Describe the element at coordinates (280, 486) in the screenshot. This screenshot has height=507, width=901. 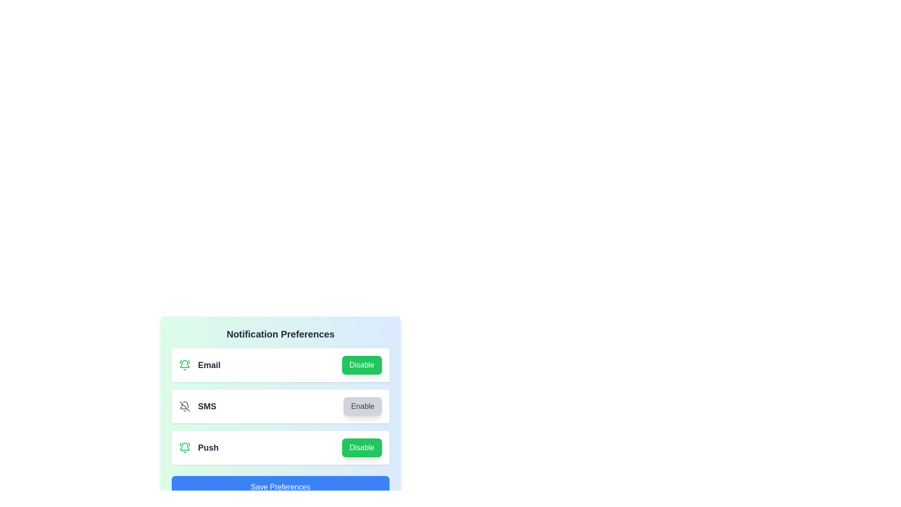
I see `the 'Save Preferences' button to save the current notification settings` at that location.